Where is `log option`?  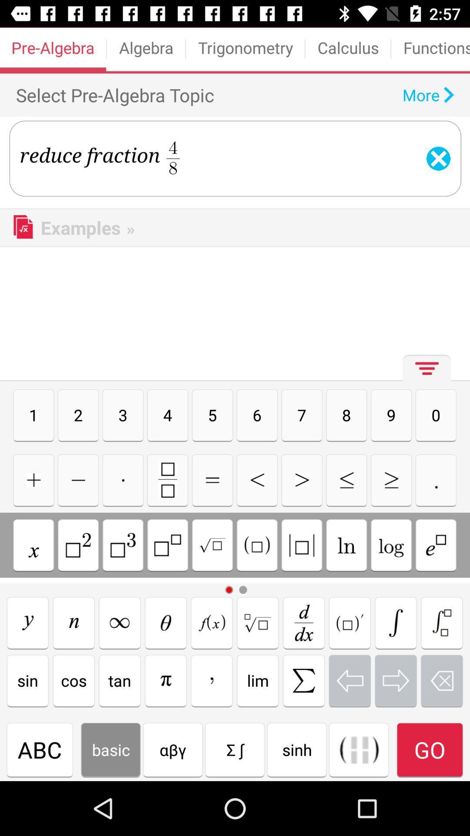 log option is located at coordinates (391, 545).